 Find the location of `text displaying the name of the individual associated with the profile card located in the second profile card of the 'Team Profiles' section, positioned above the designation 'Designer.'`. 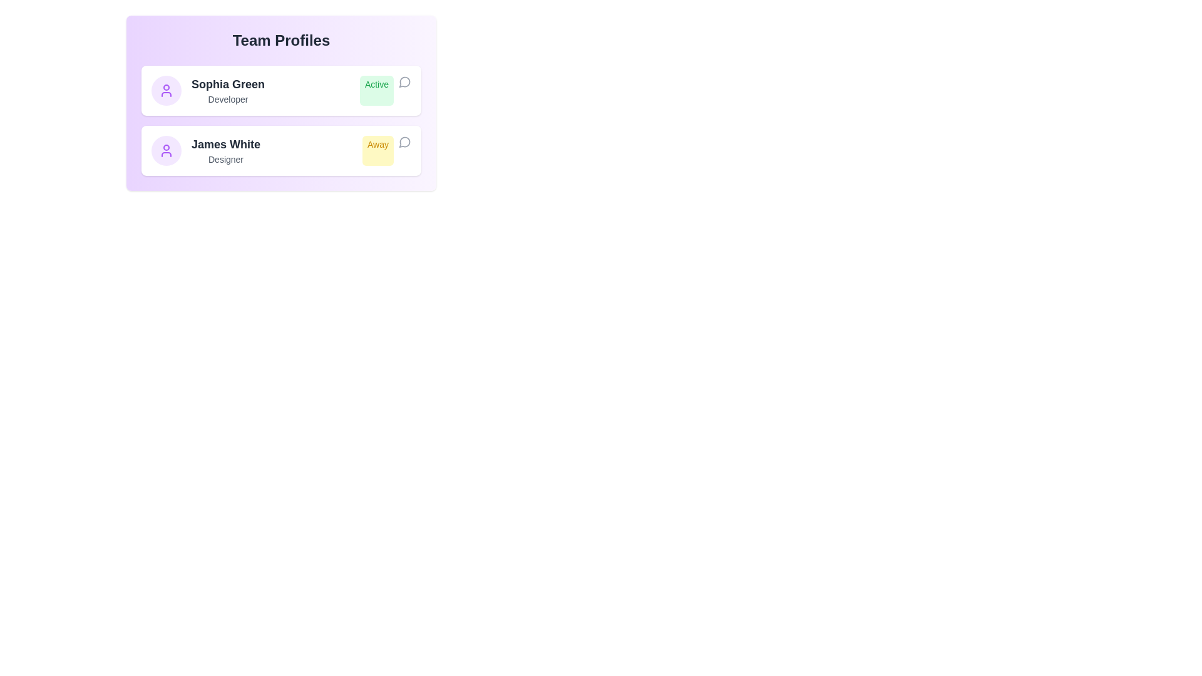

text displaying the name of the individual associated with the profile card located in the second profile card of the 'Team Profiles' section, positioned above the designation 'Designer.' is located at coordinates (225, 144).